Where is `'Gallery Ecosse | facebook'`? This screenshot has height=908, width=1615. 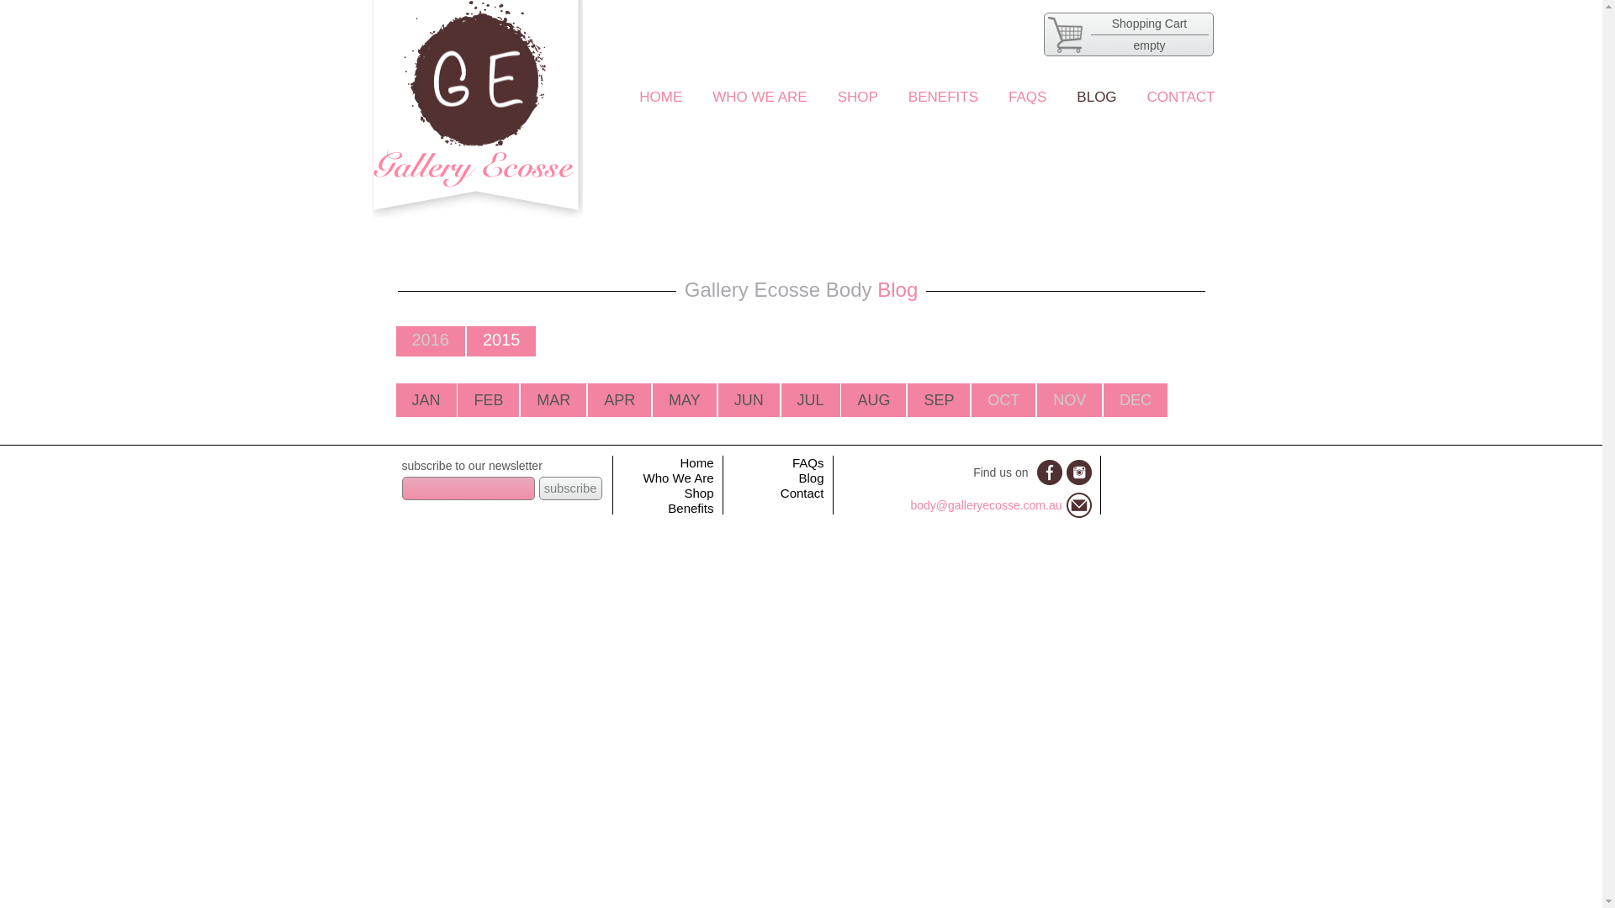
'Gallery Ecosse | facebook' is located at coordinates (1048, 472).